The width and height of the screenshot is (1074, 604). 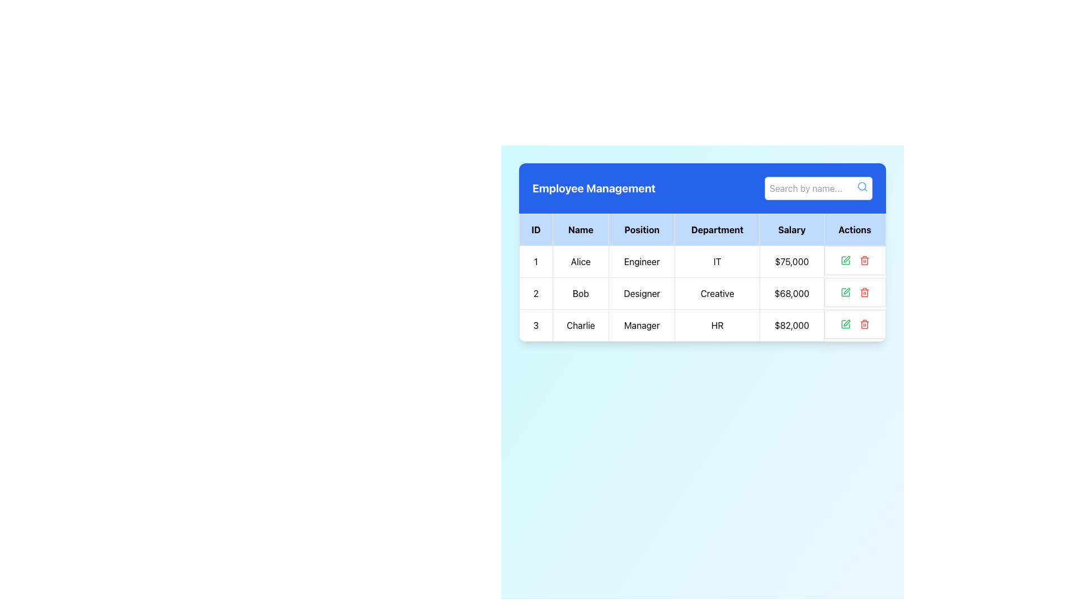 What do you see at coordinates (535, 261) in the screenshot?
I see `the first cell in the first column of the table that displays the identifier under the 'ID' column header` at bounding box center [535, 261].